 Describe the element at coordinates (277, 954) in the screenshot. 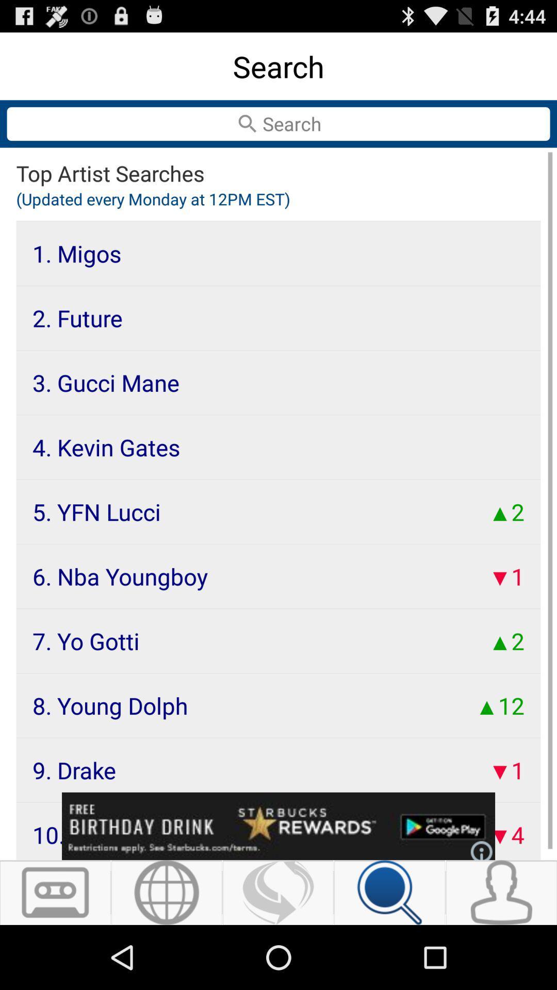

I see `the refresh icon` at that location.